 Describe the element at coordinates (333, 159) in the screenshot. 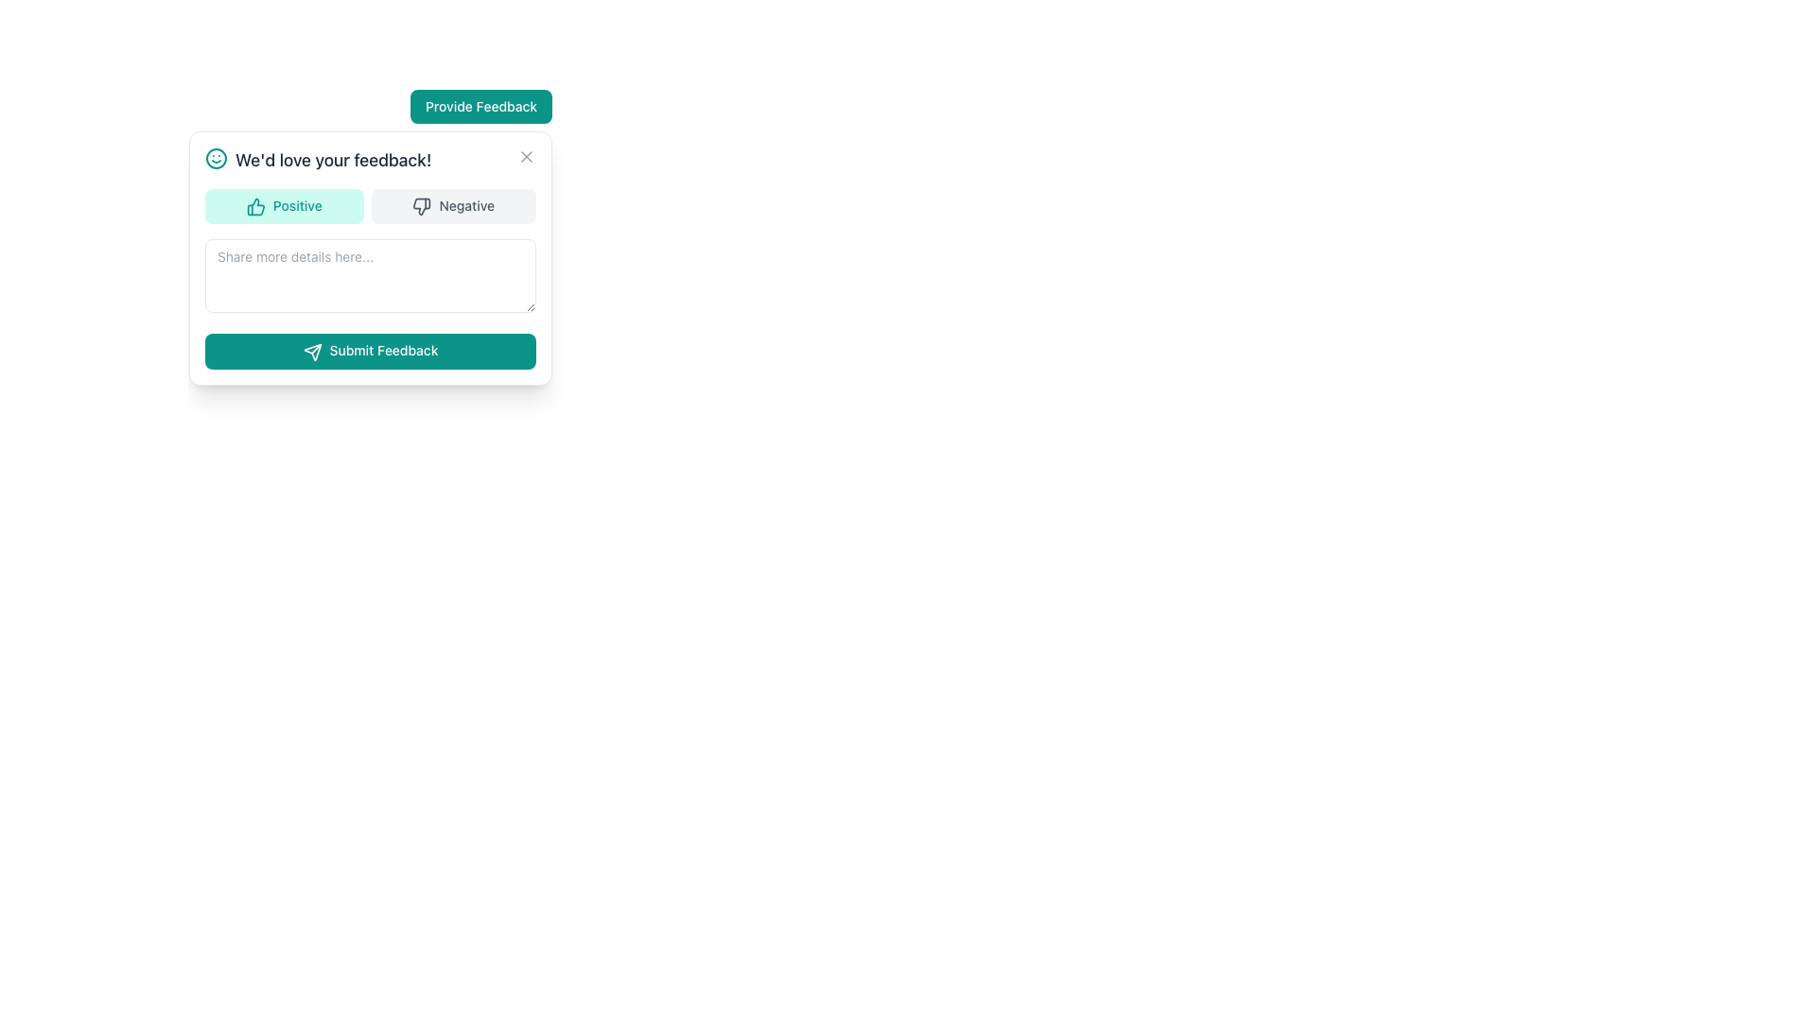

I see `the Text label that serves as a heading for the feedback dialog, positioned to the right of the smiley face icon and above the 'Positive' and 'Negative' buttons` at that location.